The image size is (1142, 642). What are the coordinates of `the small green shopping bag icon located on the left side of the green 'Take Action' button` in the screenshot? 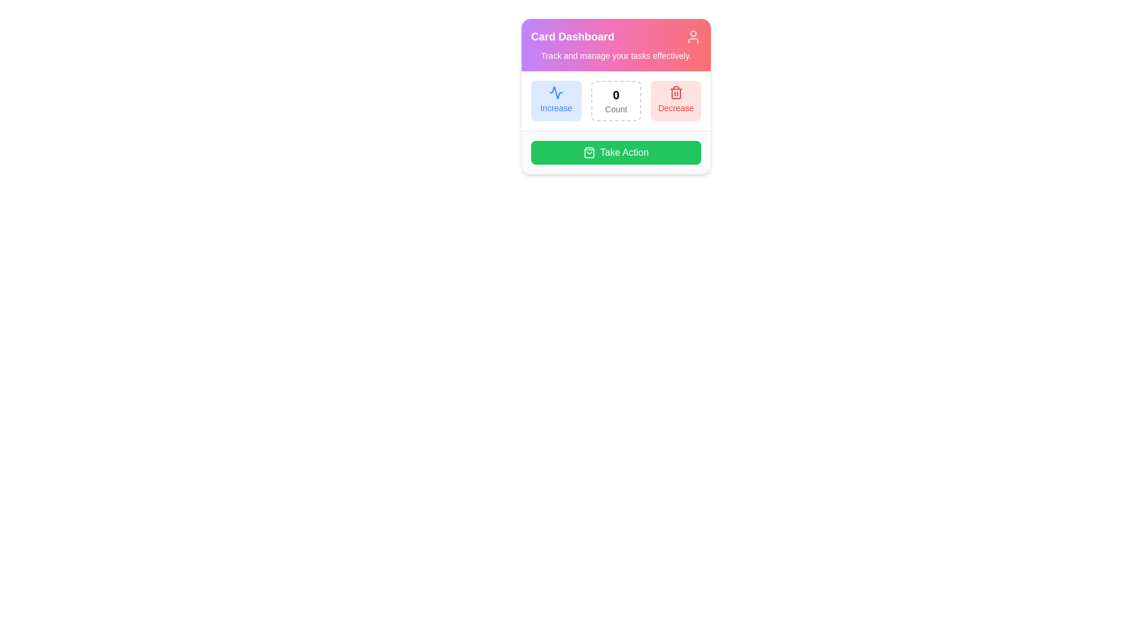 It's located at (589, 152).